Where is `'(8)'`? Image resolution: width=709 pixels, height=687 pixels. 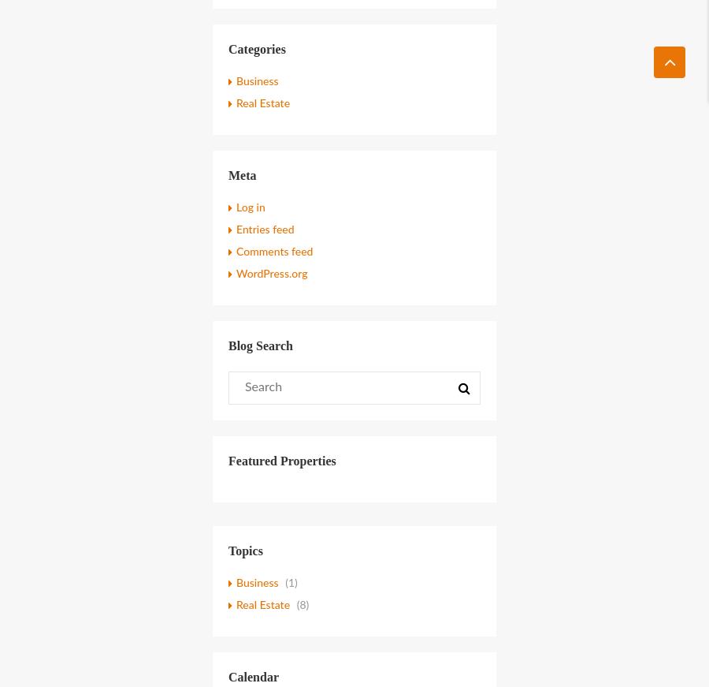 '(8)' is located at coordinates (301, 605).